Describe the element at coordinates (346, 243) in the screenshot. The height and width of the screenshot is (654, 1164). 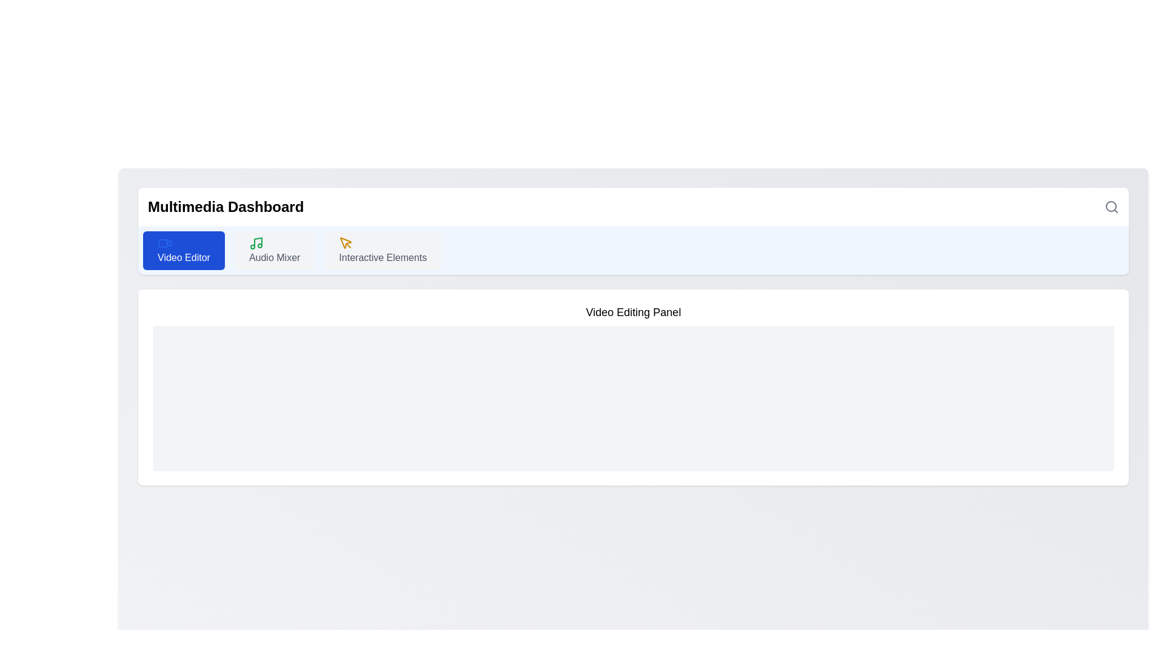
I see `the interactive icon element located in the 'Interactive Elements' section of the toolbar, positioned between 'Audio Mixer' and 'Video Editor'` at that location.